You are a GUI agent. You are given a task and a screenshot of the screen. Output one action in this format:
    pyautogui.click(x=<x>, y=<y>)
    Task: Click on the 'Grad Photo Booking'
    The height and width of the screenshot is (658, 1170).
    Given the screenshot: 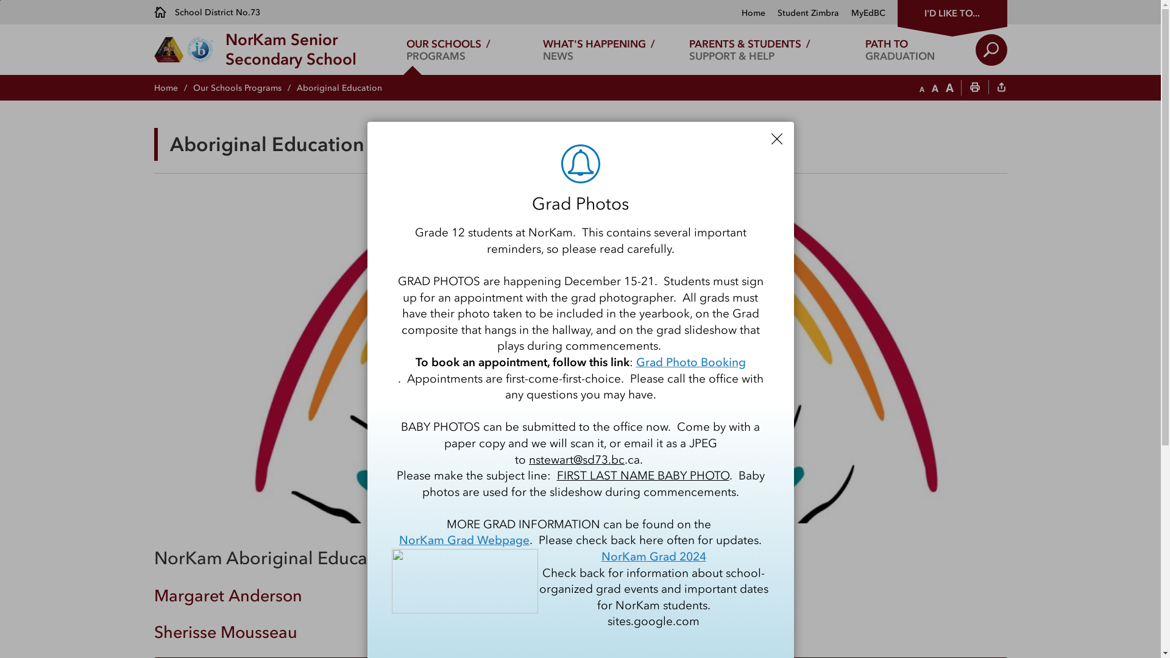 What is the action you would take?
    pyautogui.click(x=690, y=362)
    